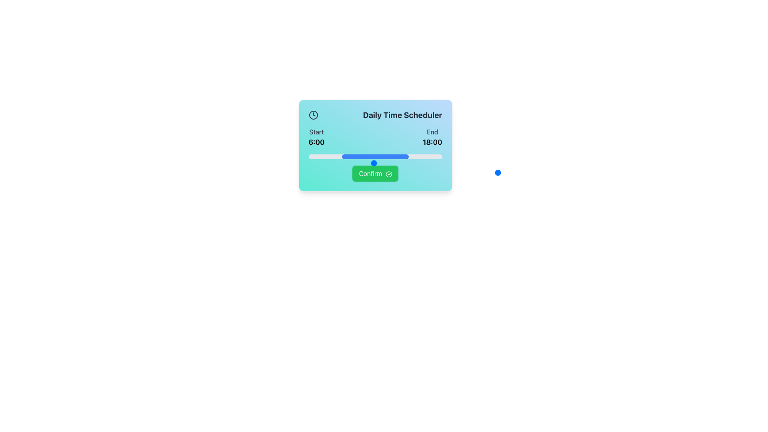 Image resolution: width=768 pixels, height=432 pixels. Describe the element at coordinates (375, 173) in the screenshot. I see `the green rectangular 'Confirm' button with a checkmark icon` at that location.